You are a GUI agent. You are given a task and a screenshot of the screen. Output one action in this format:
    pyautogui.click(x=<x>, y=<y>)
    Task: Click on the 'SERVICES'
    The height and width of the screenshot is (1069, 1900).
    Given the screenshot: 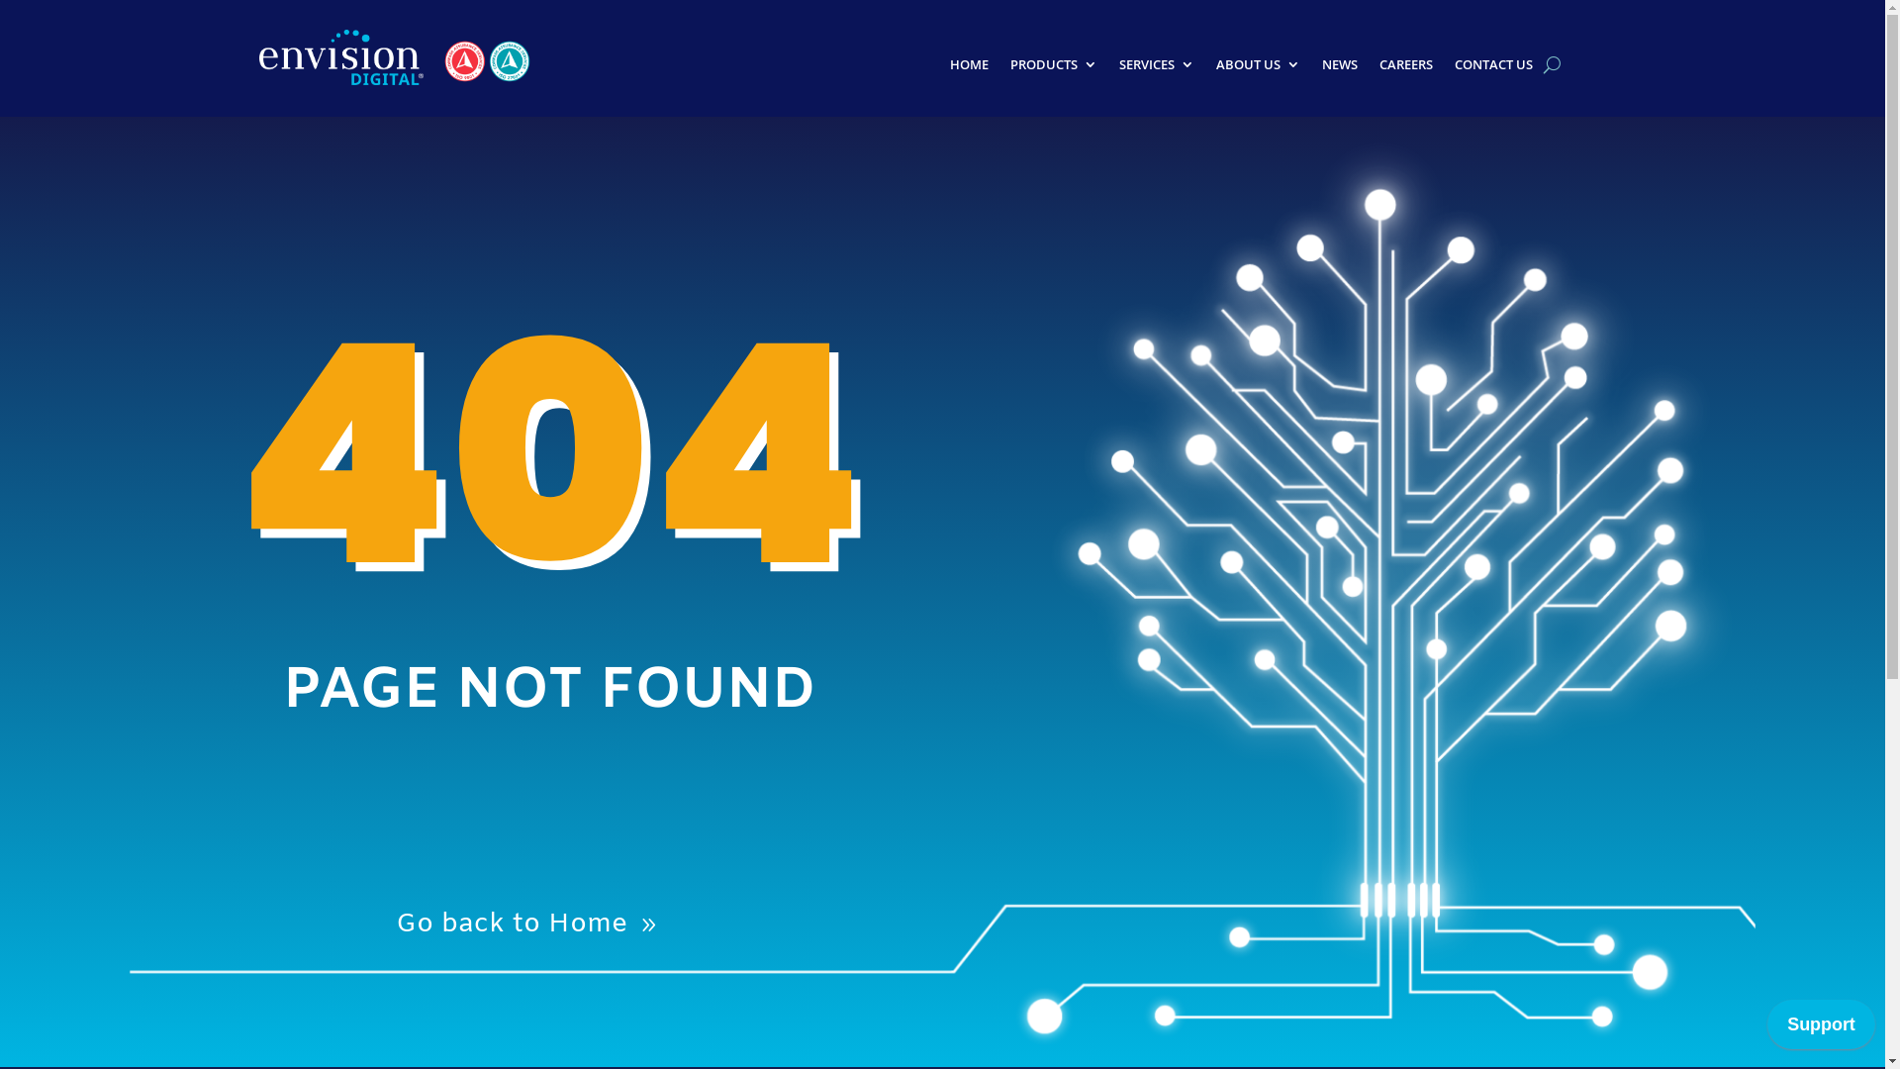 What is the action you would take?
    pyautogui.click(x=1157, y=67)
    